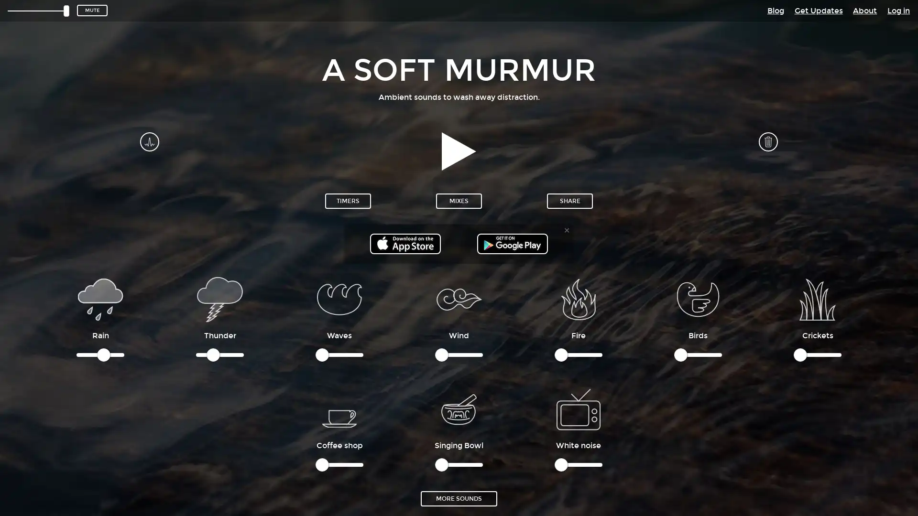 The height and width of the screenshot is (516, 918). What do you see at coordinates (578, 408) in the screenshot?
I see `Loading icon` at bounding box center [578, 408].